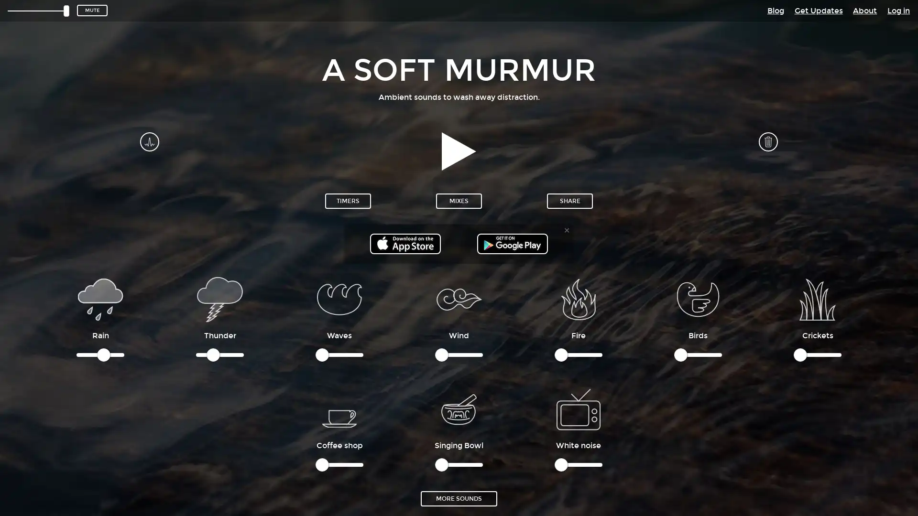 The height and width of the screenshot is (516, 918). What do you see at coordinates (578, 408) in the screenshot?
I see `Loading icon` at bounding box center [578, 408].